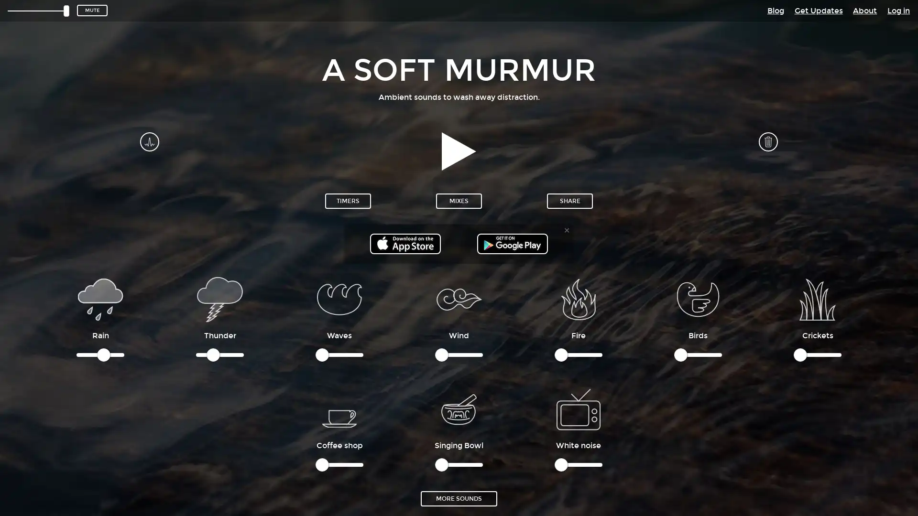 The height and width of the screenshot is (516, 918). What do you see at coordinates (578, 408) in the screenshot?
I see `Loading icon` at bounding box center [578, 408].